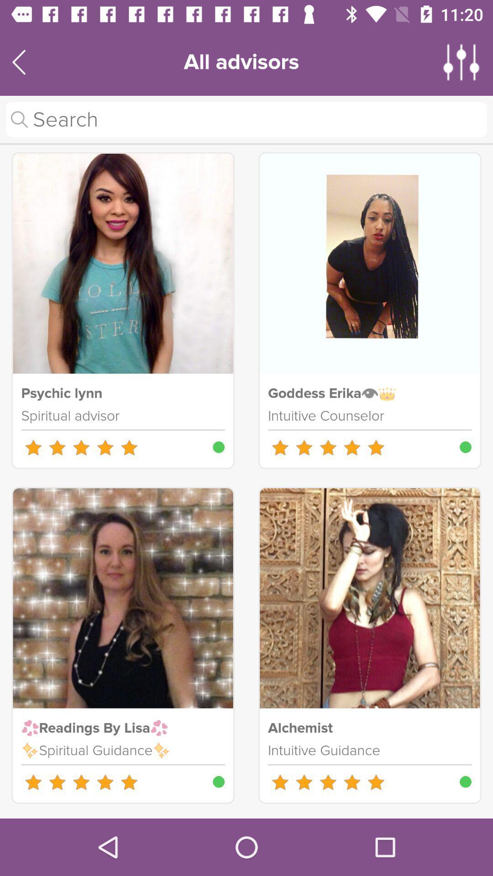 The height and width of the screenshot is (876, 493). I want to click on the start options which is below the text intuitive counselor, so click(327, 447).